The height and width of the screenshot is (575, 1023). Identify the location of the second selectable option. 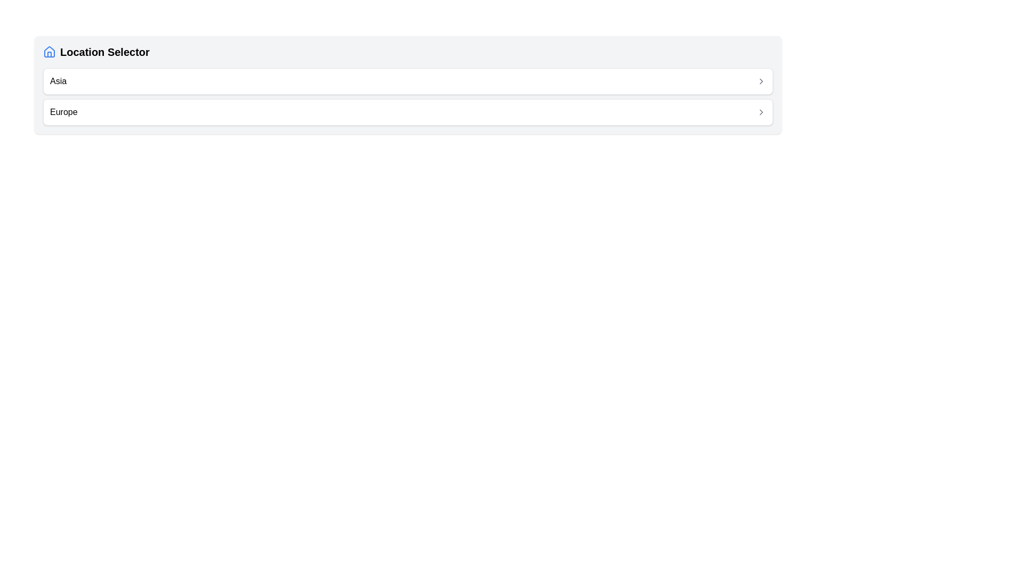
(408, 112).